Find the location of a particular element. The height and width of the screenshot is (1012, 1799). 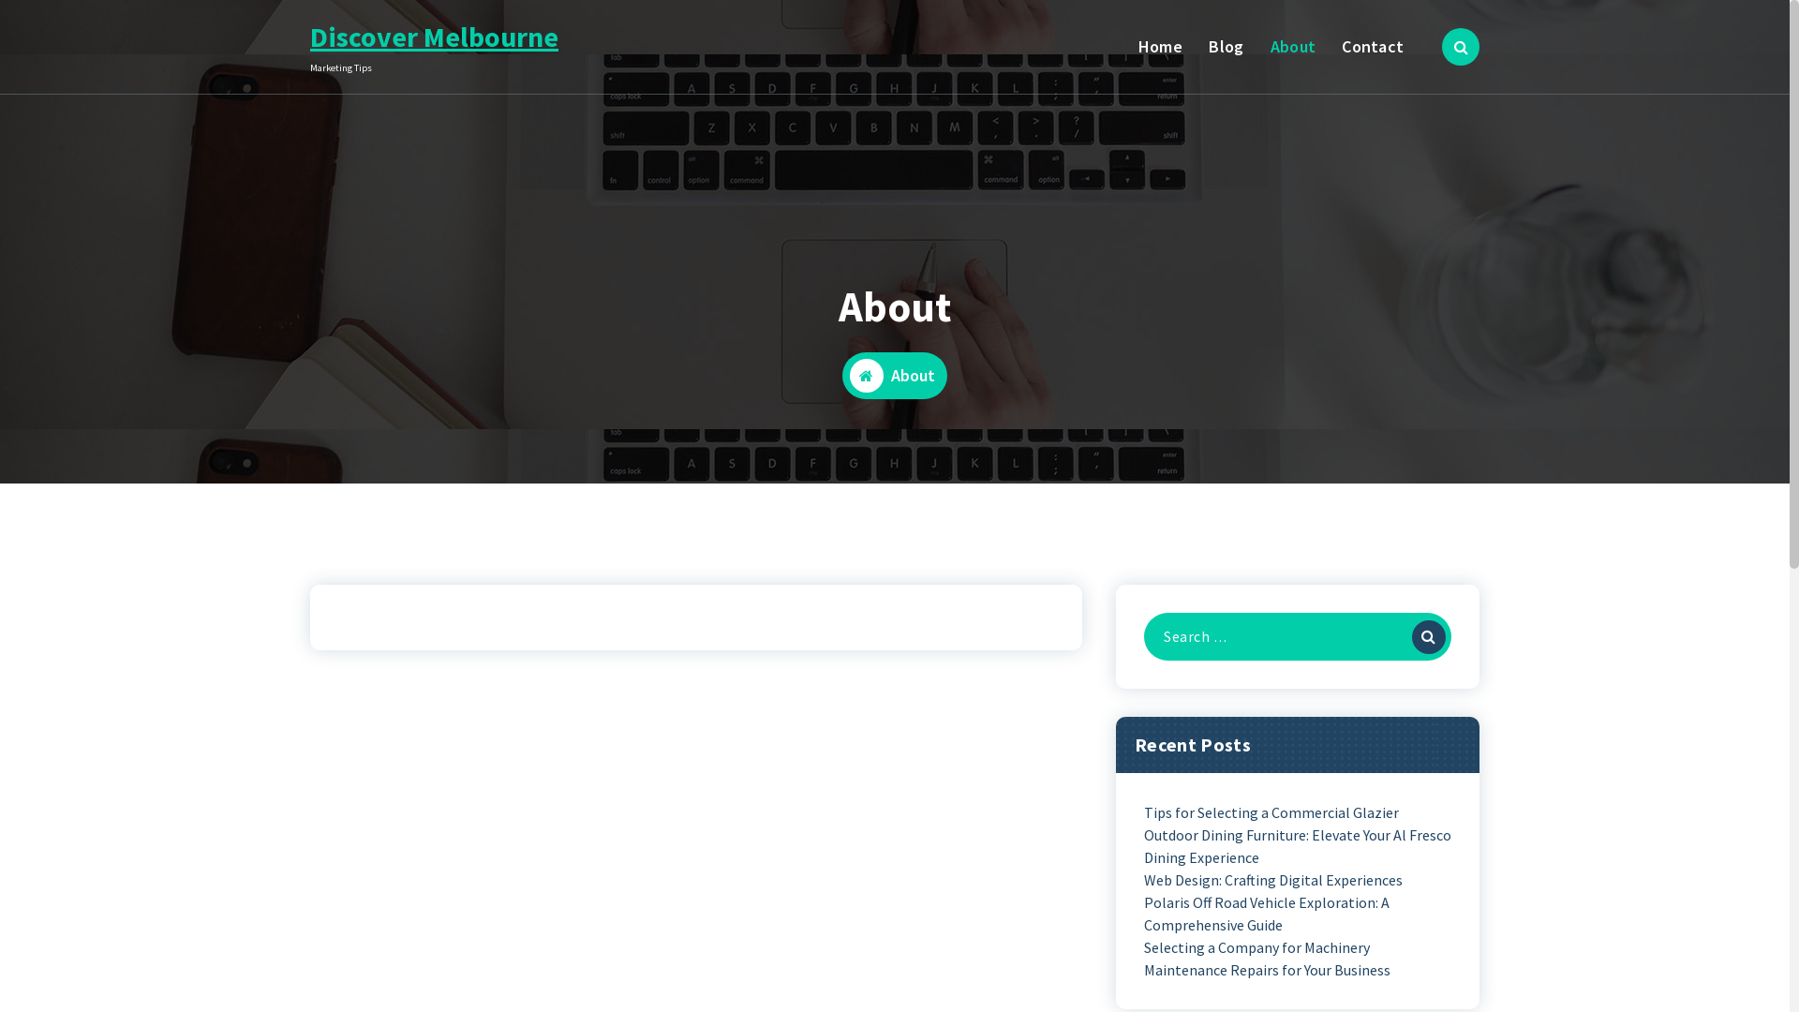

'About' is located at coordinates (1292, 46).